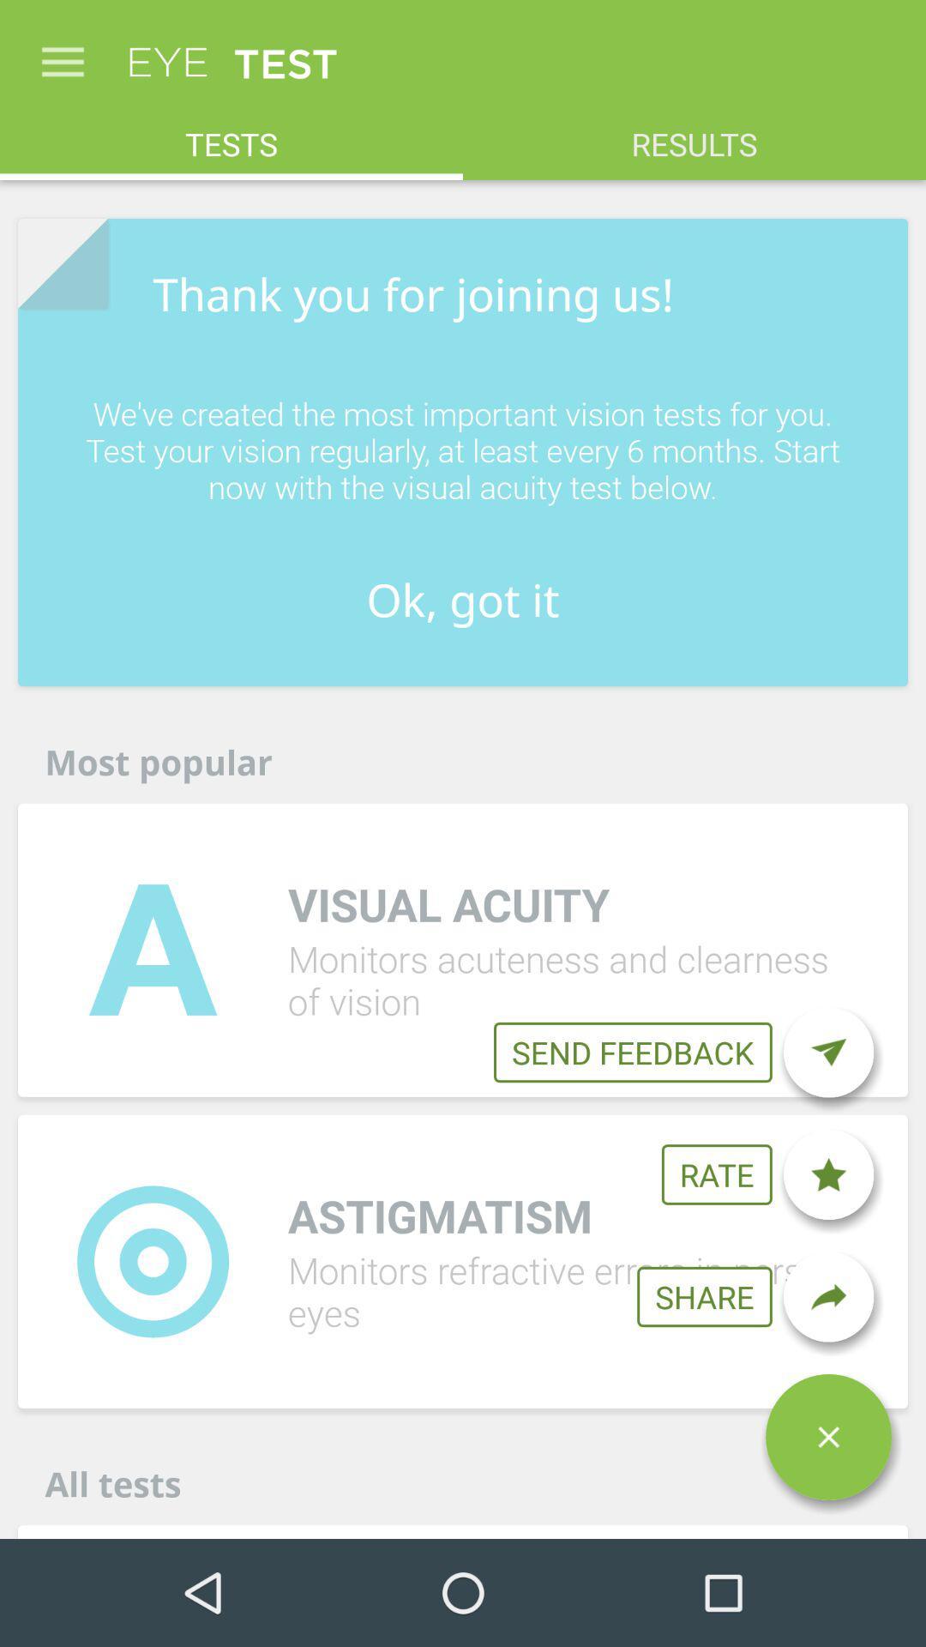 This screenshot has height=1647, width=926. Describe the element at coordinates (694, 134) in the screenshot. I see `item to the right of the tests icon` at that location.